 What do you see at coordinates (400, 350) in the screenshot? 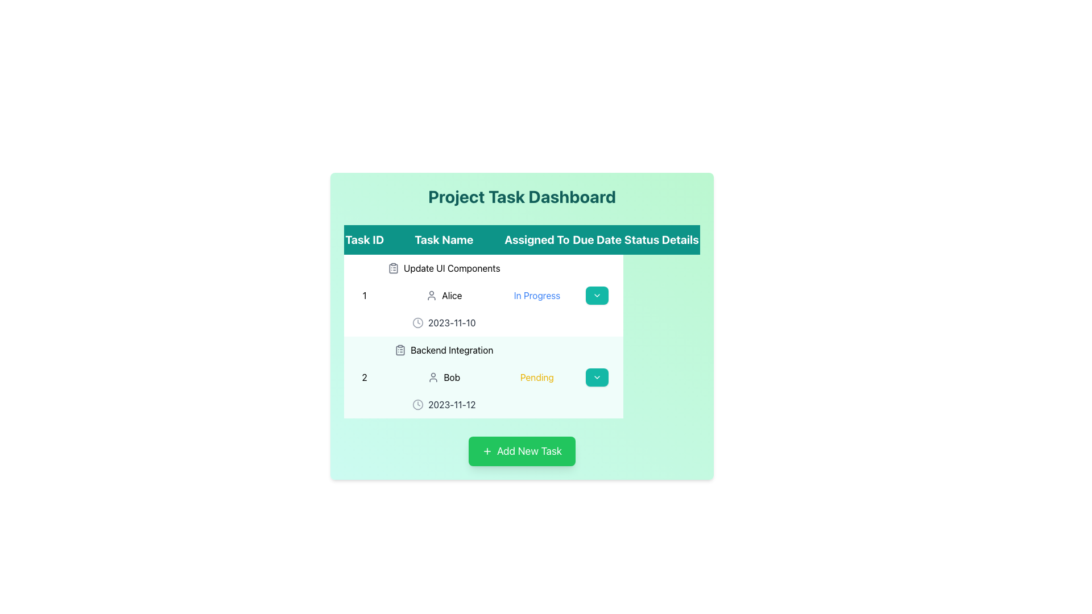
I see `the clipboard icon located in the second row under the 'Task Name' column associated with 'Backend Integration'` at bounding box center [400, 350].